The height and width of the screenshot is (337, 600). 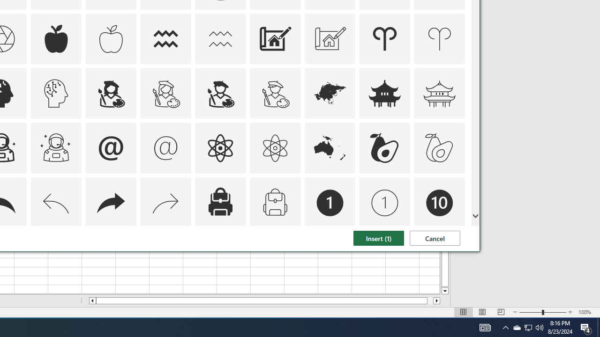 I want to click on 'AutomationID: Icons_Aries_M', so click(x=439, y=38).